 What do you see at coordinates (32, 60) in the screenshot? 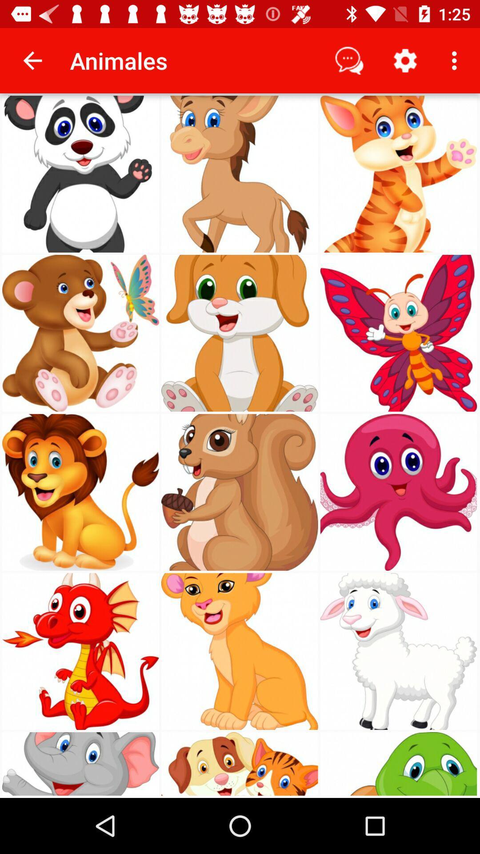
I see `item to the left of animales item` at bounding box center [32, 60].